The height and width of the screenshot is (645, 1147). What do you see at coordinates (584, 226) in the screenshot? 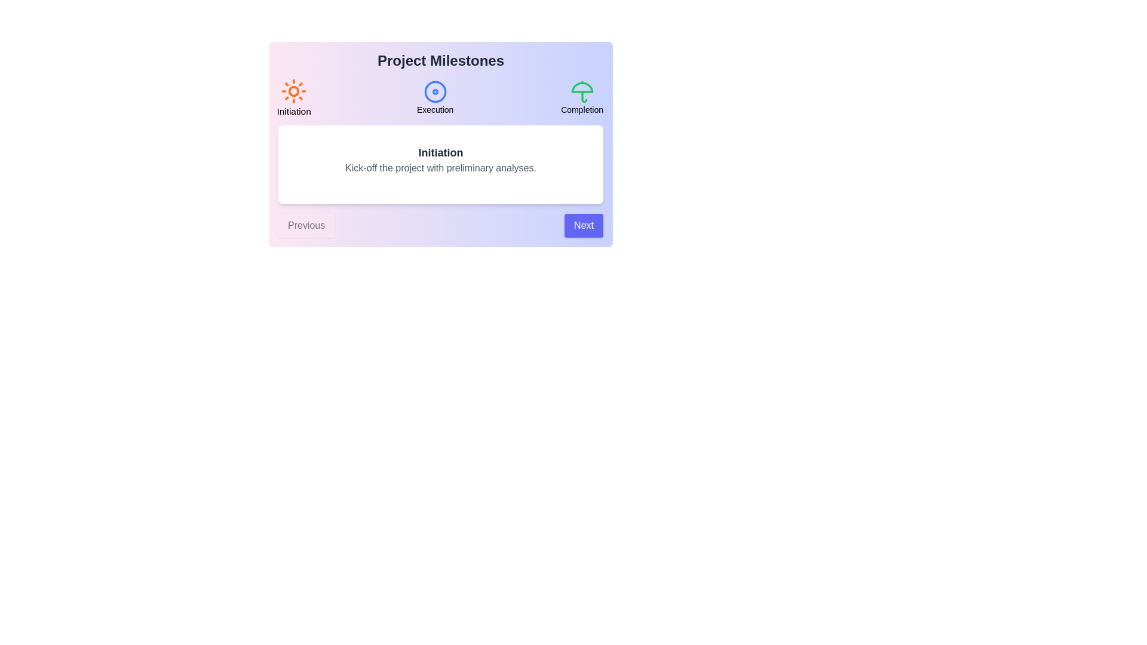
I see `the 'Next' button to navigate to the next step` at bounding box center [584, 226].